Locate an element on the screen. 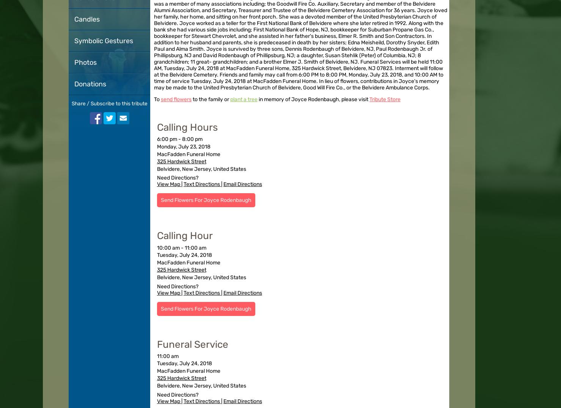 Image resolution: width=561 pixels, height=408 pixels. 'Candles' is located at coordinates (74, 19).